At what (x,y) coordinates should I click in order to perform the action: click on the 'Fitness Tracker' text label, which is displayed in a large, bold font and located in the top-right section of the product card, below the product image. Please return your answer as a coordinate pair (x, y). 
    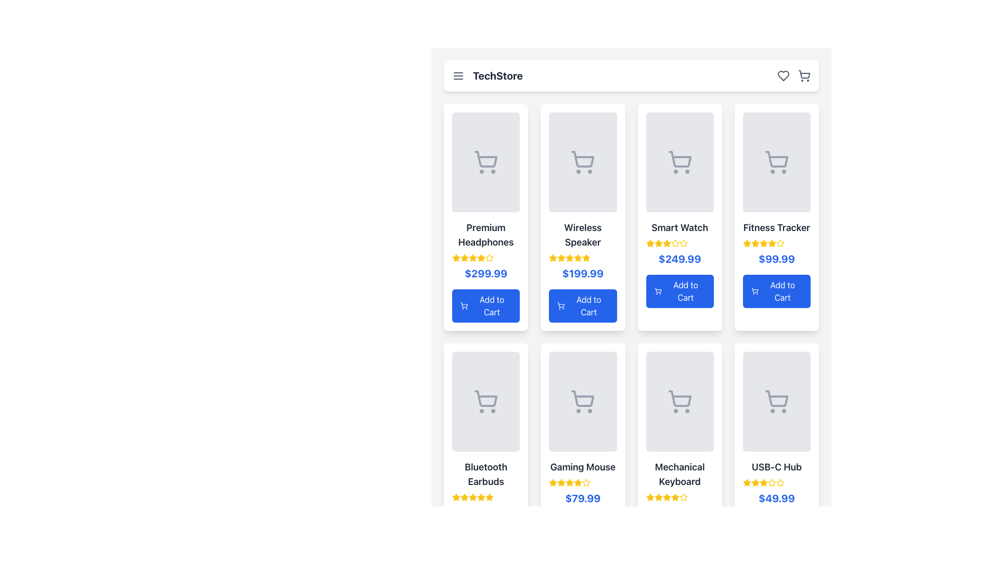
    Looking at the image, I should click on (776, 227).